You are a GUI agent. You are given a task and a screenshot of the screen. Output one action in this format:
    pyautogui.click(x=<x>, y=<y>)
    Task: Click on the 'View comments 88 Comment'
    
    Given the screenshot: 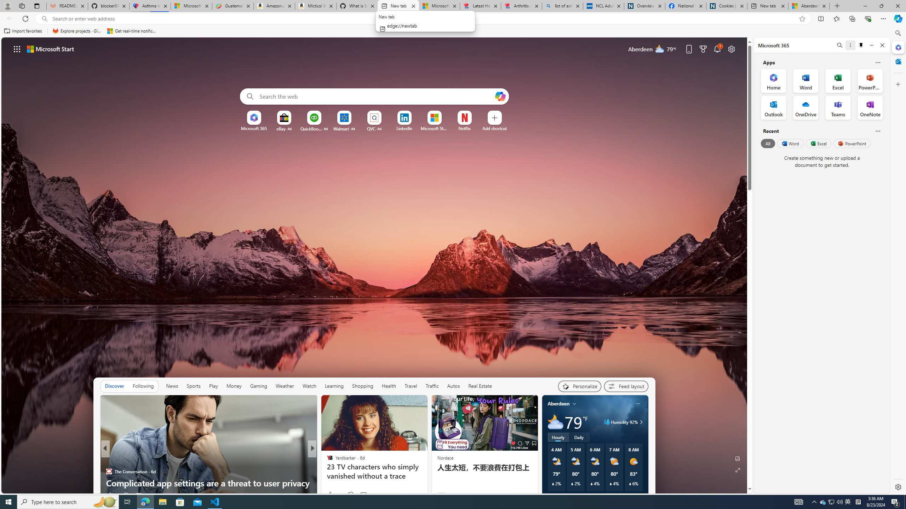 What is the action you would take?
    pyautogui.click(x=364, y=495)
    